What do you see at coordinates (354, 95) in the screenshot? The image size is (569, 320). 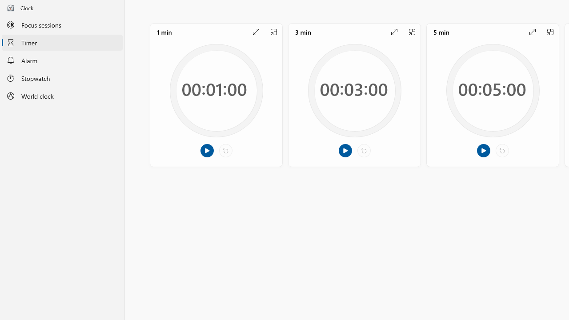 I see `'Edit timer, 3 min, Not Started, 3 minutes 0 seconds'` at bounding box center [354, 95].